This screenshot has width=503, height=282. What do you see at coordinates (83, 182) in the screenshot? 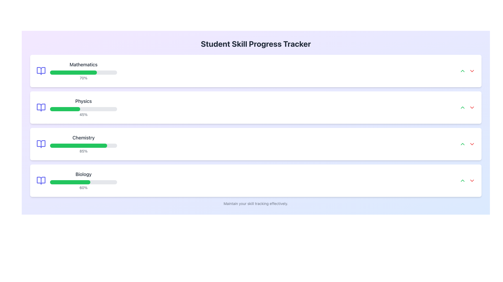
I see `the progress bar representing the completion percentage of the task labeled 'Biology,' which is positioned below the bold 'Biology' text and above the '60%' completion percentage text` at bounding box center [83, 182].